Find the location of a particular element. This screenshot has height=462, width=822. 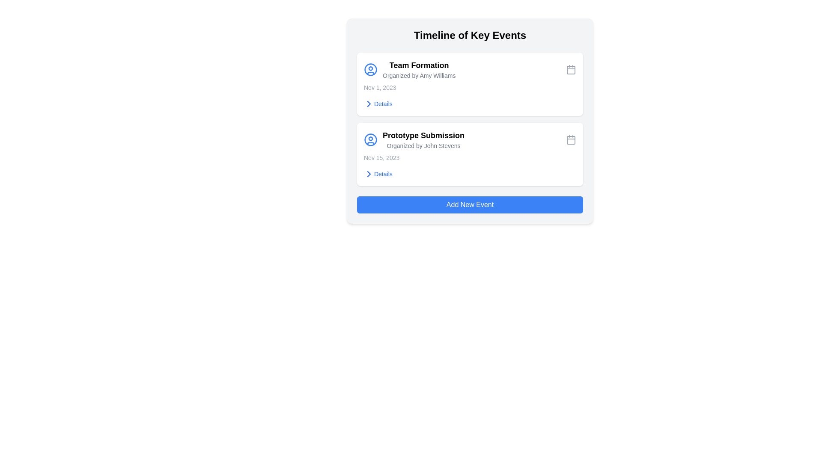

the hyperlink located at the bottom-right of the 'Prototype Submission' card organized by John Stevens is located at coordinates (378, 174).